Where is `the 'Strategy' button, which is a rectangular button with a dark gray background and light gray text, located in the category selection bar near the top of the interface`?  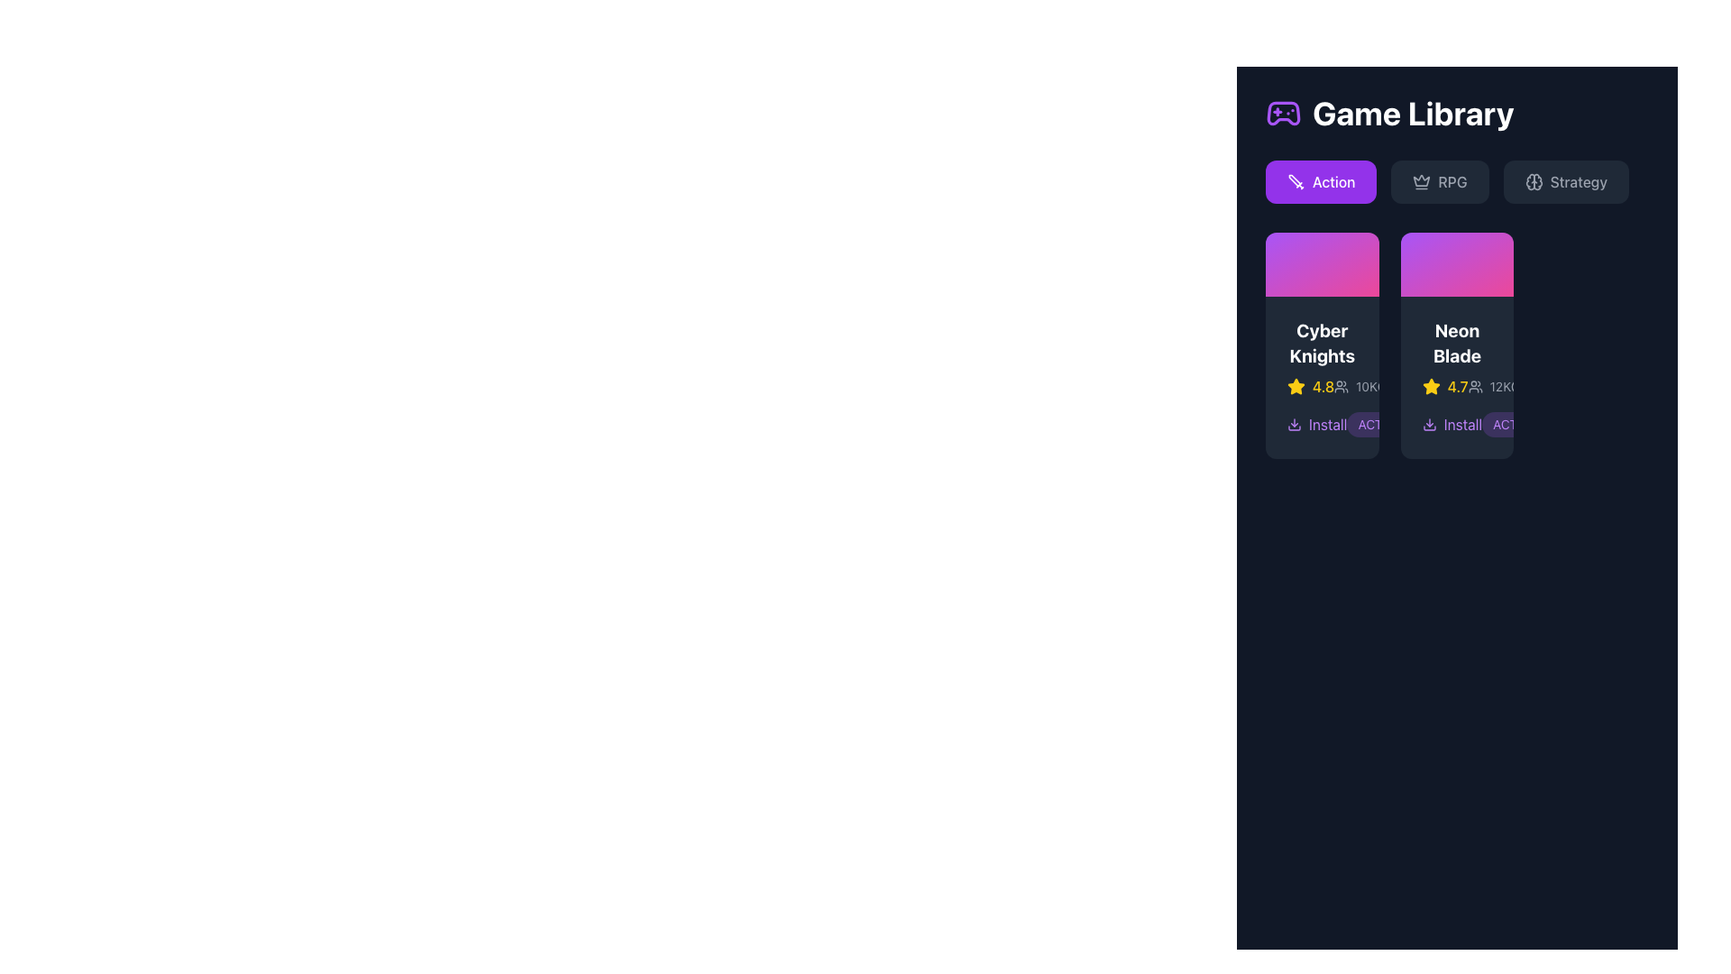 the 'Strategy' button, which is a rectangular button with a dark gray background and light gray text, located in the category selection bar near the top of the interface is located at coordinates (1565, 181).